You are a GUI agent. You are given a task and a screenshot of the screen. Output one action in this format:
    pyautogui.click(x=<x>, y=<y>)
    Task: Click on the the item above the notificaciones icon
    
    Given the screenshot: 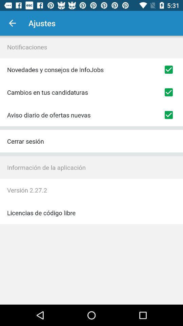 What is the action you would take?
    pyautogui.click(x=12, y=23)
    